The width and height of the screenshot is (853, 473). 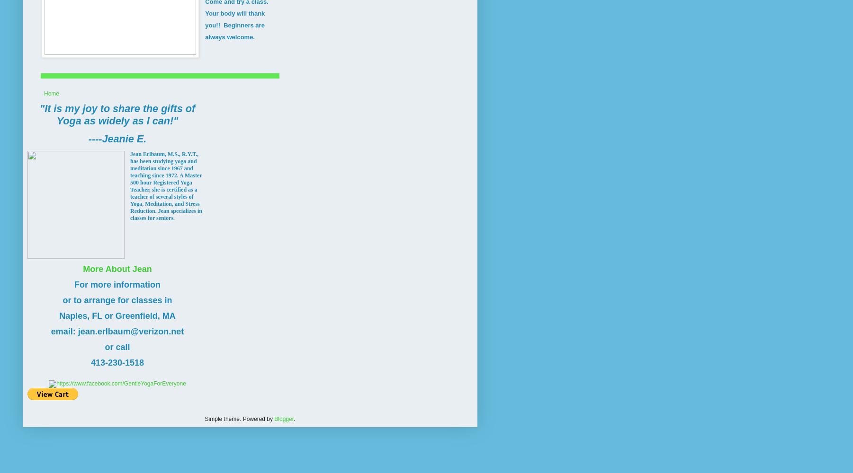 What do you see at coordinates (39, 114) in the screenshot?
I see `'"It is my joy to share the gifts of Yoga as widely as I can!"'` at bounding box center [39, 114].